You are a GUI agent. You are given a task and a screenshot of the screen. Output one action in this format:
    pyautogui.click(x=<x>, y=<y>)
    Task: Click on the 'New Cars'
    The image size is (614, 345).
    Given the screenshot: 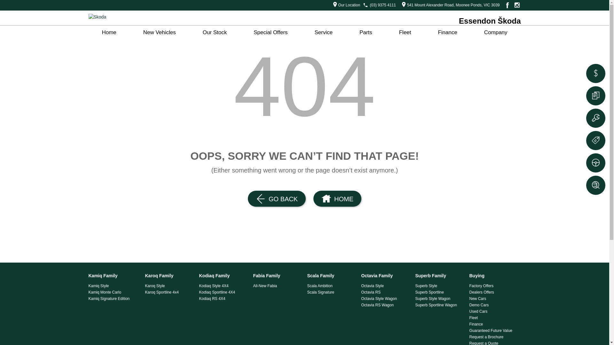 What is the action you would take?
    pyautogui.click(x=469, y=298)
    